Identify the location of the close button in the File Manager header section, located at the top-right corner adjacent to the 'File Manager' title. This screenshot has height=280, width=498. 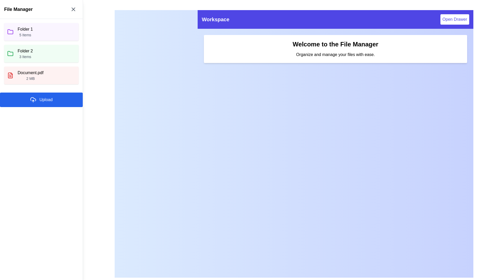
(73, 9).